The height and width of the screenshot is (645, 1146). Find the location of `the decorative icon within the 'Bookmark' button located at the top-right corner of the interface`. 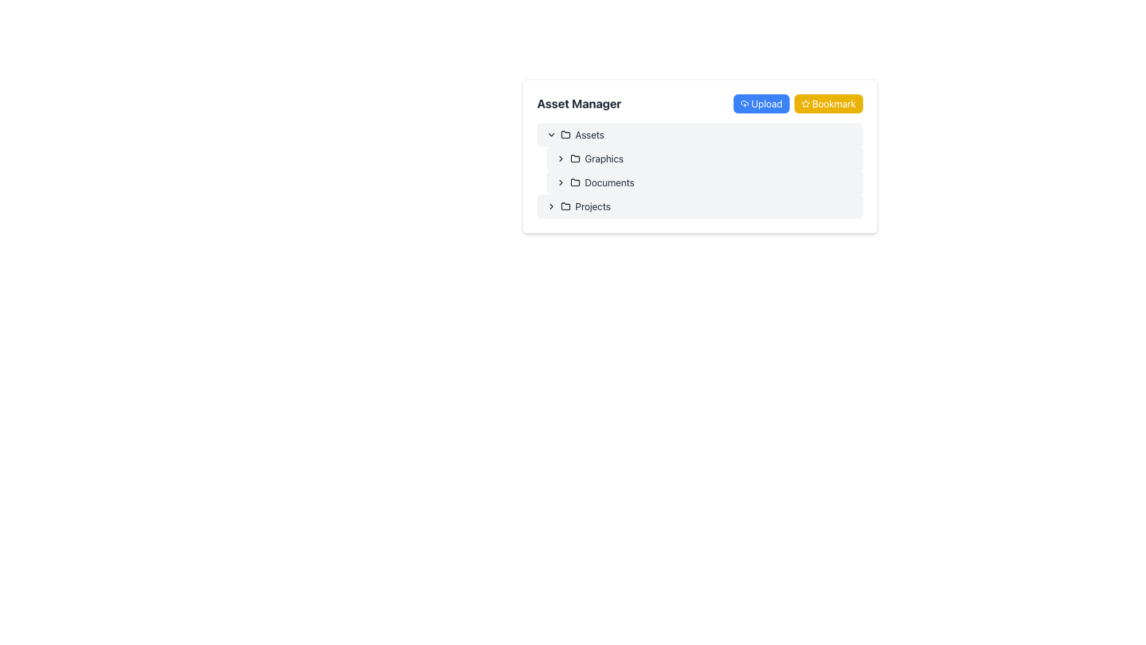

the decorative icon within the 'Bookmark' button located at the top-right corner of the interface is located at coordinates (805, 103).